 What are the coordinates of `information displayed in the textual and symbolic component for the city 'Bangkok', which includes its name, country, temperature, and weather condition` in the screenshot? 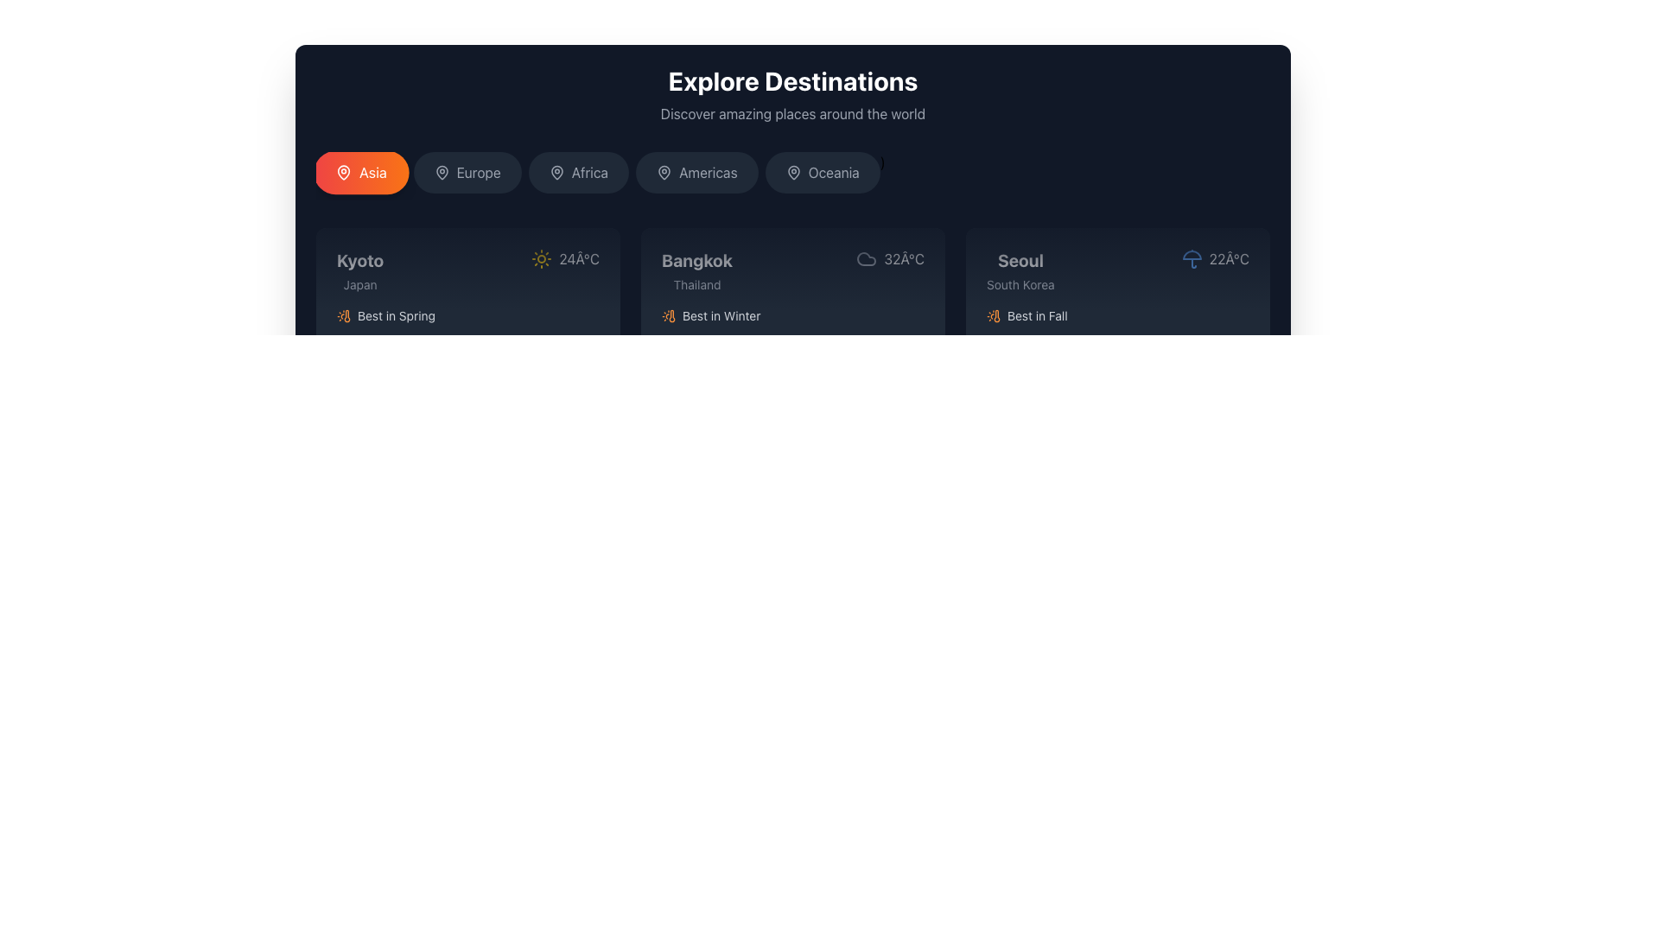 It's located at (791, 270).